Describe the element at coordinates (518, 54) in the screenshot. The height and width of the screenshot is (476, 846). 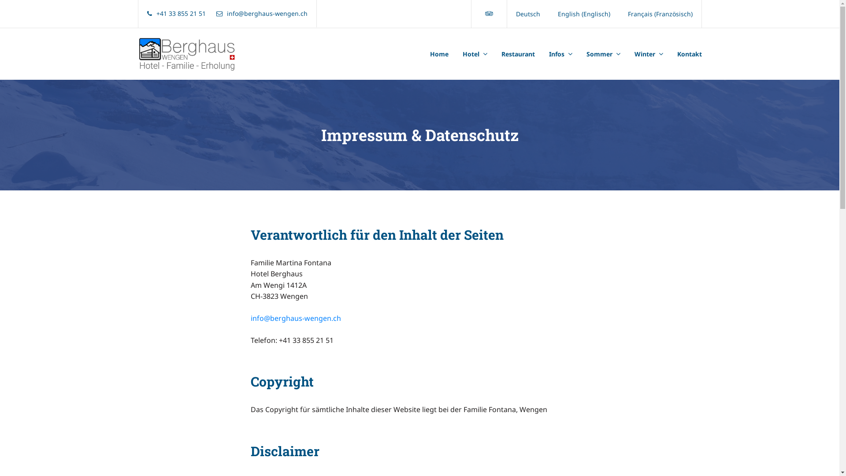
I see `'Restaurant'` at that location.